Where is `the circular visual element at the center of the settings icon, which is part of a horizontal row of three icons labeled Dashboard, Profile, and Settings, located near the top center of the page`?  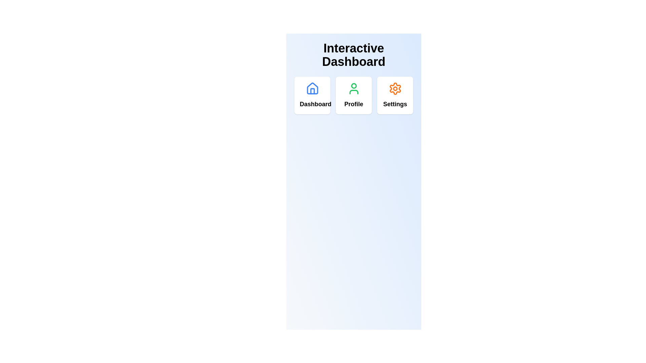 the circular visual element at the center of the settings icon, which is part of a horizontal row of three icons labeled Dashboard, Profile, and Settings, located near the top center of the page is located at coordinates (395, 88).